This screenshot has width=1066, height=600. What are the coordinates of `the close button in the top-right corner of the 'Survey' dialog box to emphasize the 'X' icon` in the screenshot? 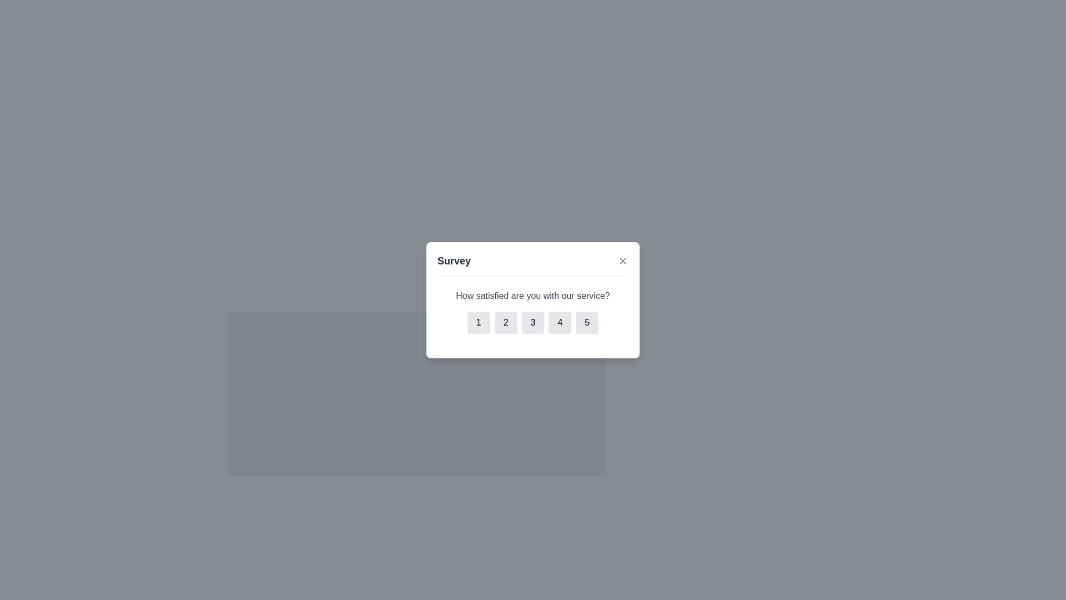 It's located at (623, 261).